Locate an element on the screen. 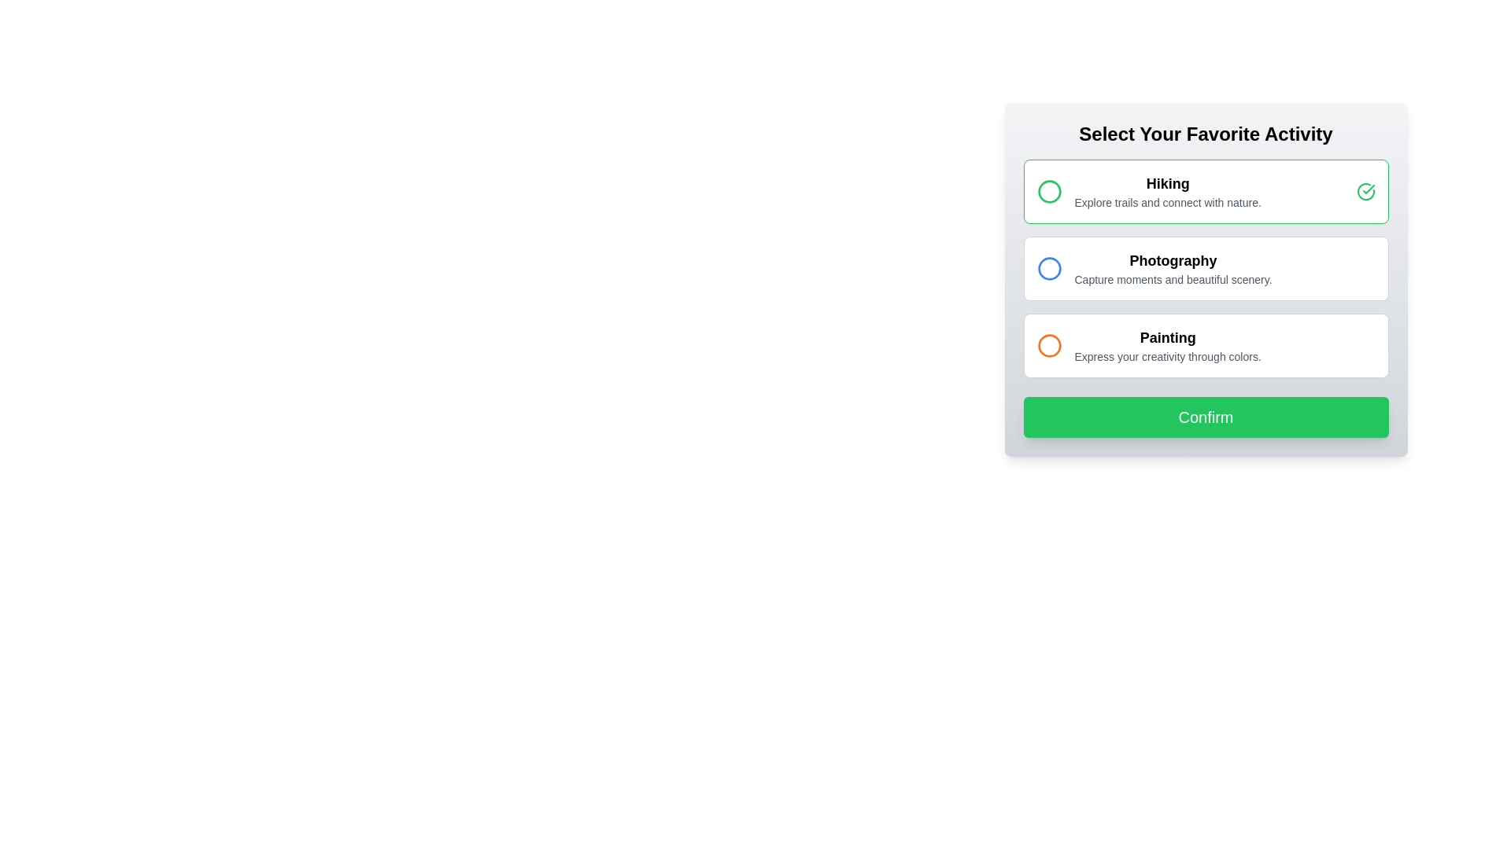  the 'Painting' radio button located in the third row under 'Select Your Favorite Activity', which serves to indicate the selected option within a list of choices is located at coordinates (1049, 344).